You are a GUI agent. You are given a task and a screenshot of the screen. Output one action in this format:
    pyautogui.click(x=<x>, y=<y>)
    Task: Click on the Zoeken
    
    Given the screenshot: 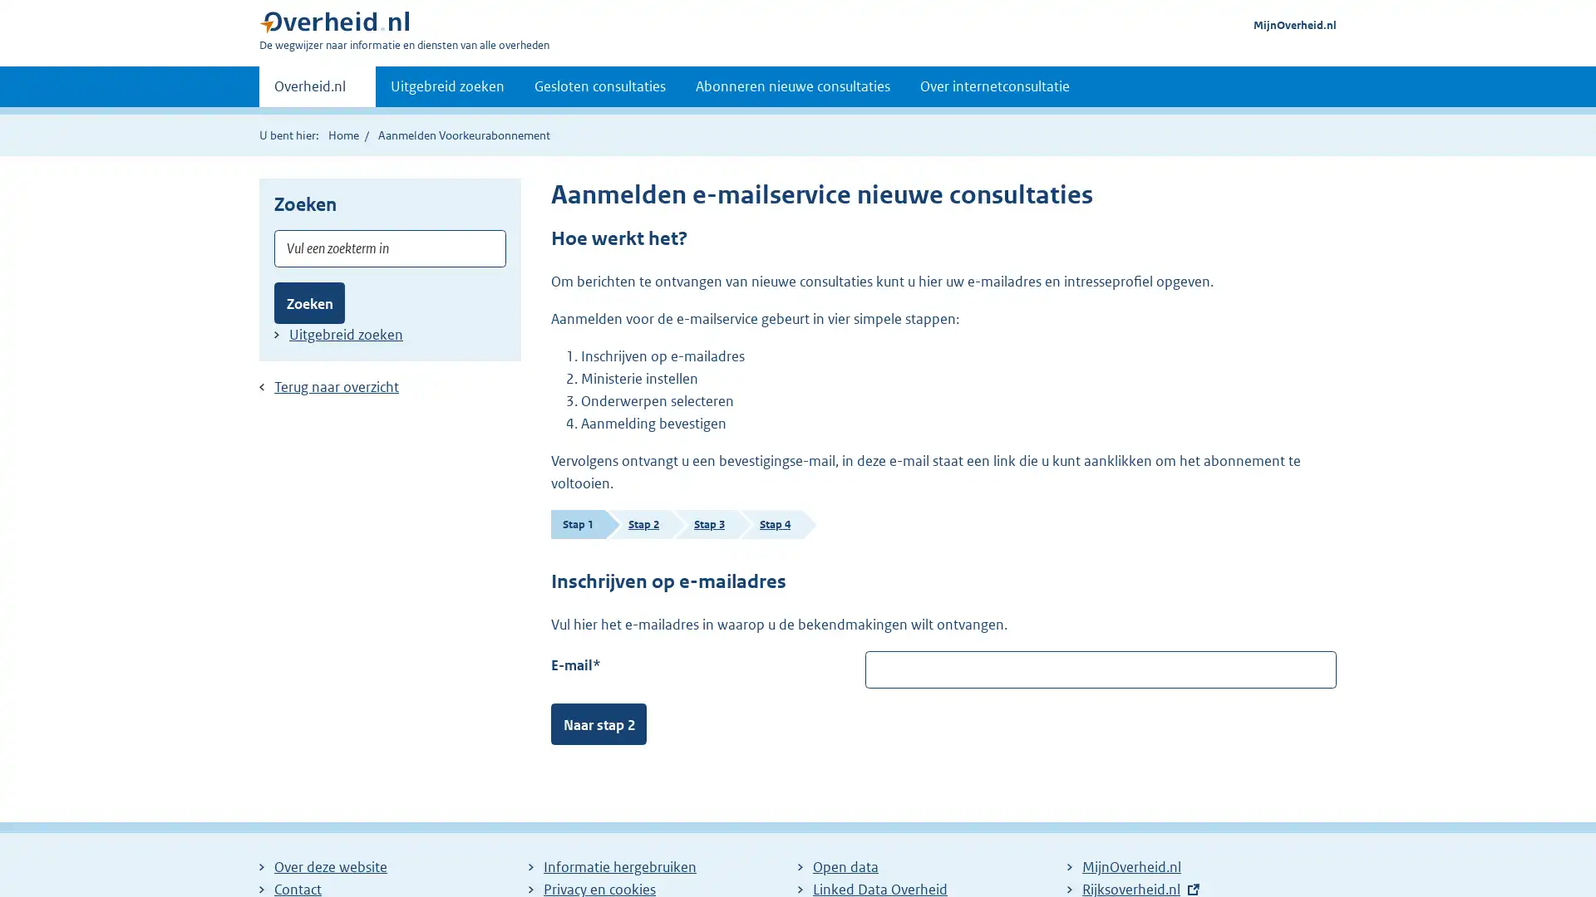 What is the action you would take?
    pyautogui.click(x=309, y=302)
    